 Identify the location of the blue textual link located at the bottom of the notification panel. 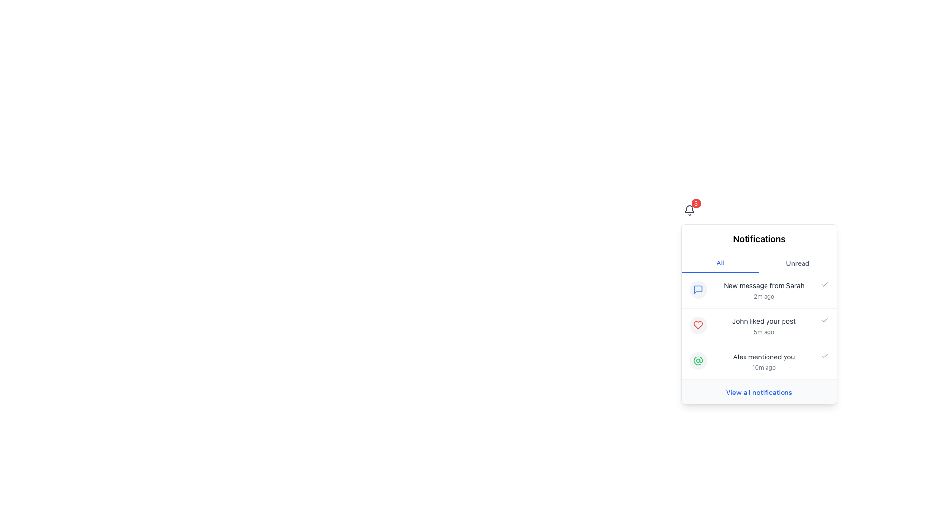
(759, 392).